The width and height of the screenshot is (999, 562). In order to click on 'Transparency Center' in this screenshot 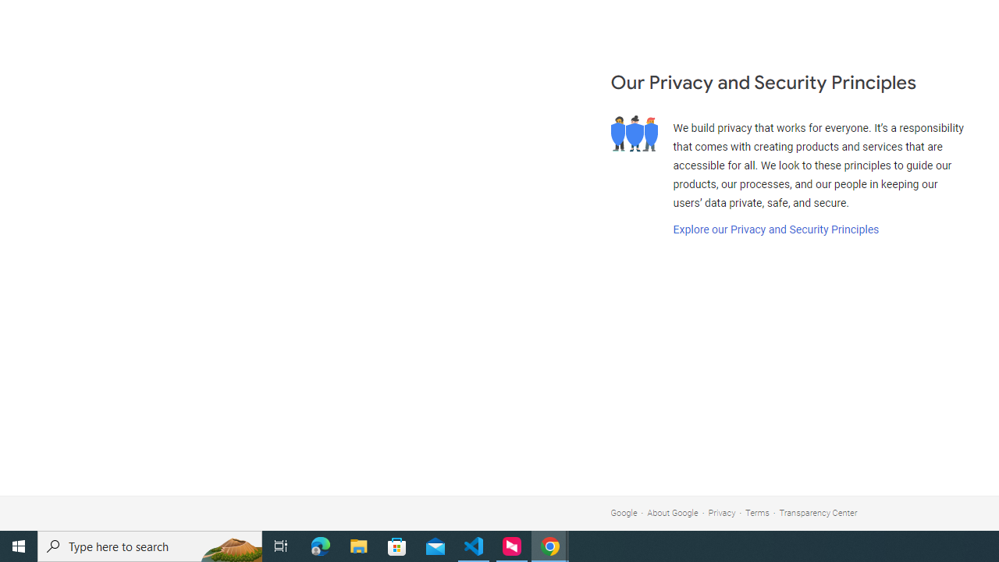, I will do `click(817, 513)`.